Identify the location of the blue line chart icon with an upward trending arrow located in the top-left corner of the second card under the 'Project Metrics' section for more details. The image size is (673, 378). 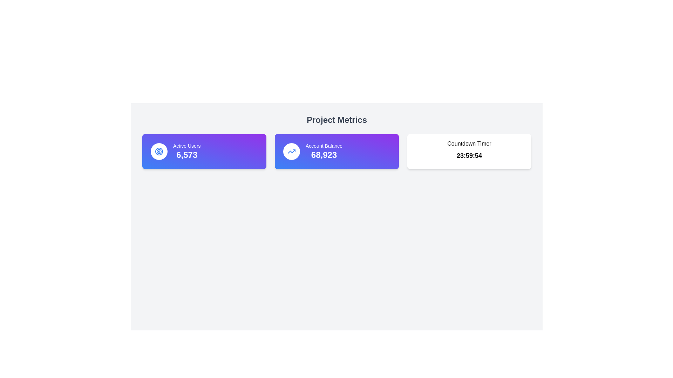
(291, 151).